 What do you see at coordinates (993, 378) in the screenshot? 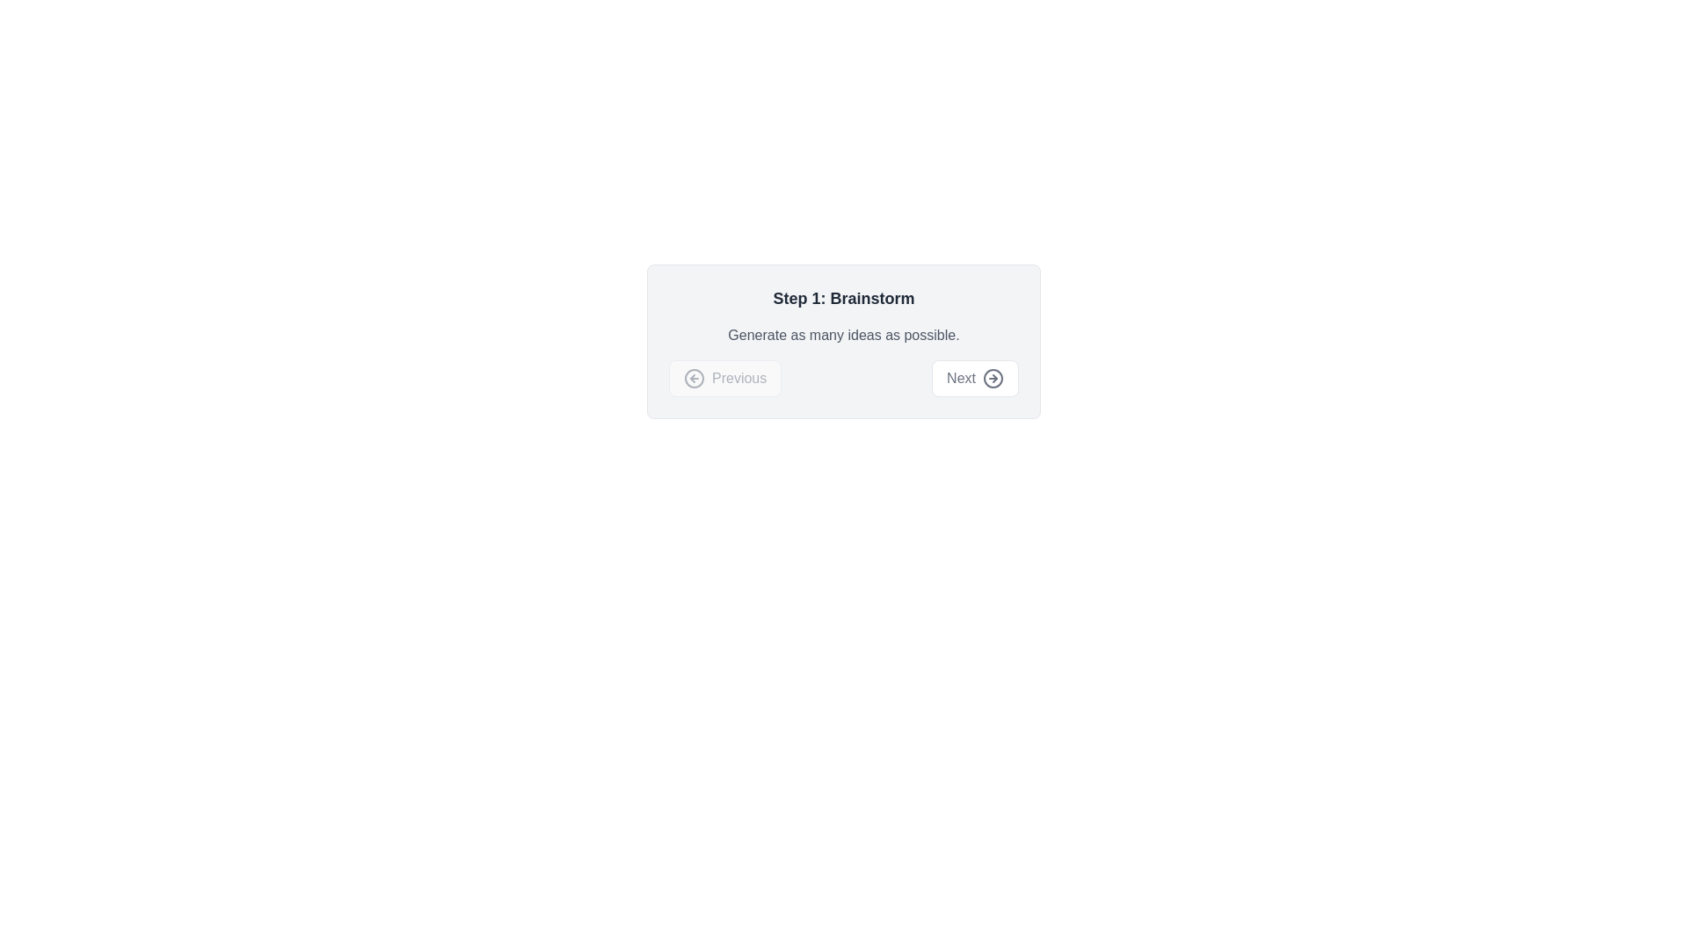
I see `the icon located within the 'Next' button at the bottom right of the dialog box` at bounding box center [993, 378].